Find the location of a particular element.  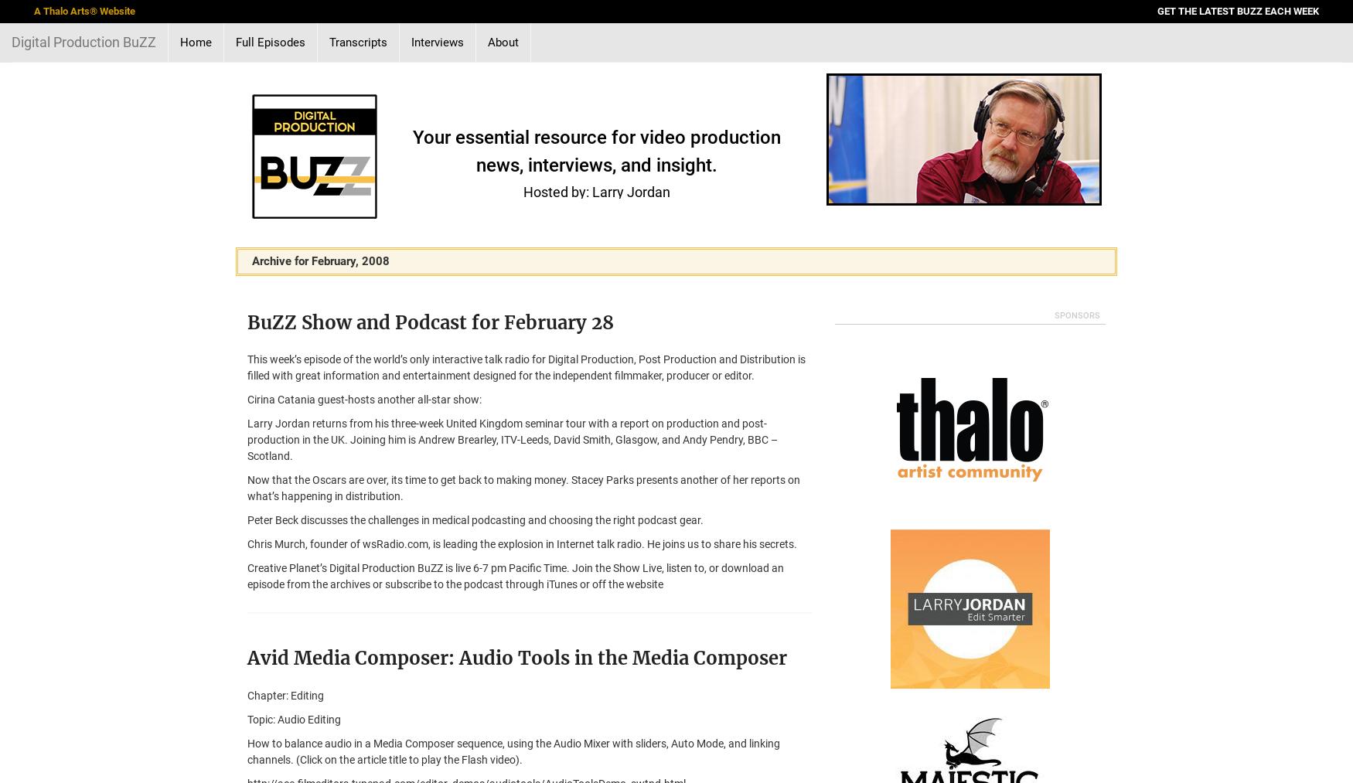

'Get the Latest BuZZ Each Week' is located at coordinates (1238, 10).